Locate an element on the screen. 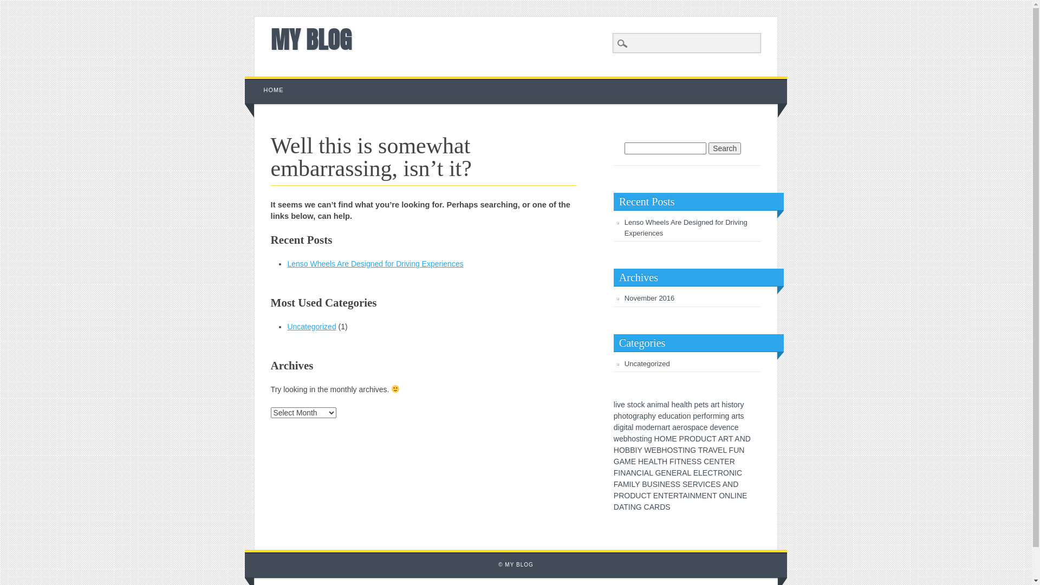 The width and height of the screenshot is (1040, 585). 'Search' is located at coordinates (725, 148).